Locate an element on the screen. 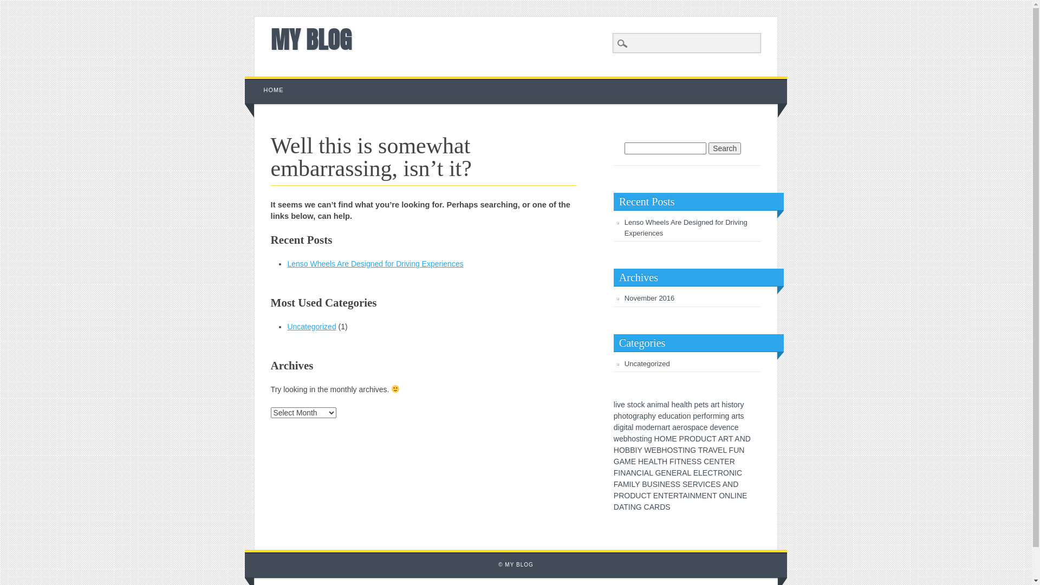 The width and height of the screenshot is (1040, 585). 'Search' is located at coordinates (725, 148).